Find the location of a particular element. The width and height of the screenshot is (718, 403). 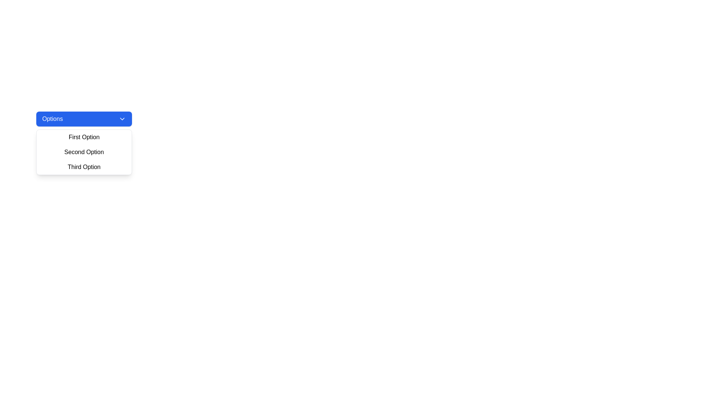

the 'Third Option' item in the dropdown menu is located at coordinates (84, 166).